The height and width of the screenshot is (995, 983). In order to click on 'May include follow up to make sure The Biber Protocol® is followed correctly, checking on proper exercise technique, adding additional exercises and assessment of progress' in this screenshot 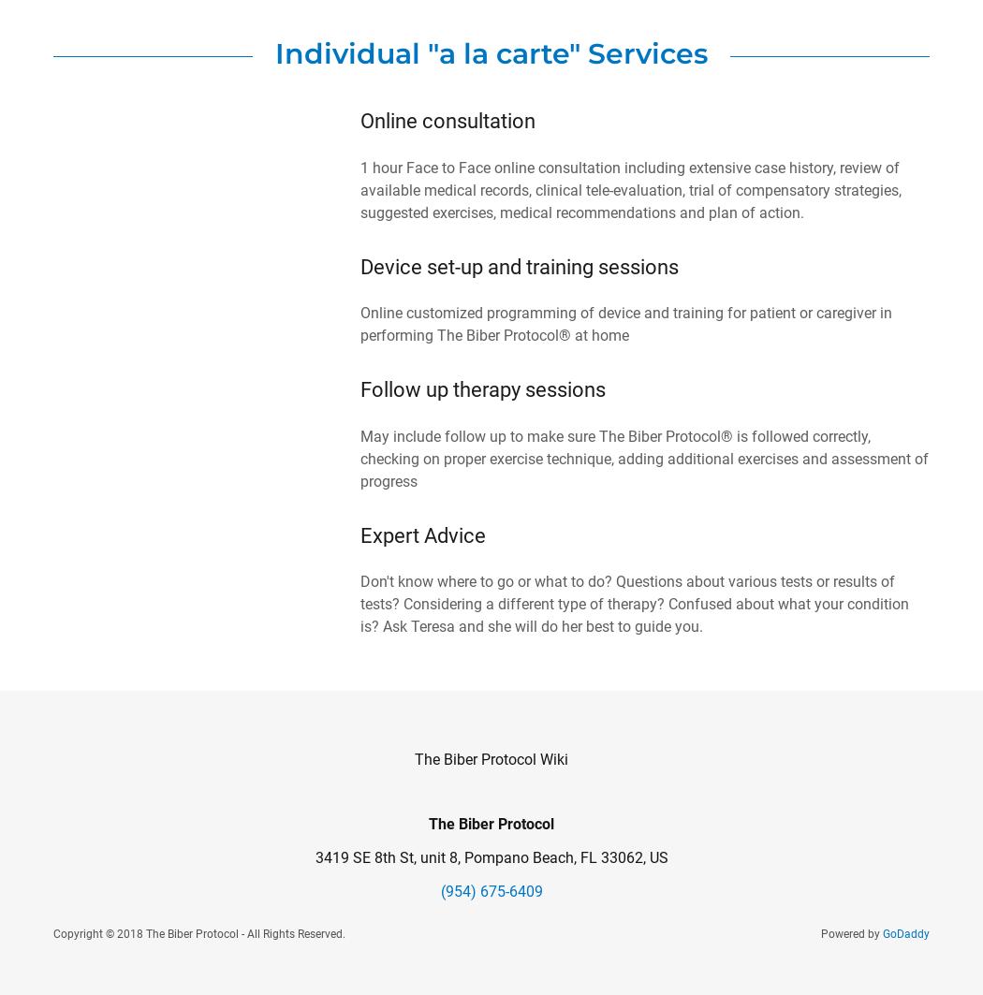, I will do `click(644, 458)`.